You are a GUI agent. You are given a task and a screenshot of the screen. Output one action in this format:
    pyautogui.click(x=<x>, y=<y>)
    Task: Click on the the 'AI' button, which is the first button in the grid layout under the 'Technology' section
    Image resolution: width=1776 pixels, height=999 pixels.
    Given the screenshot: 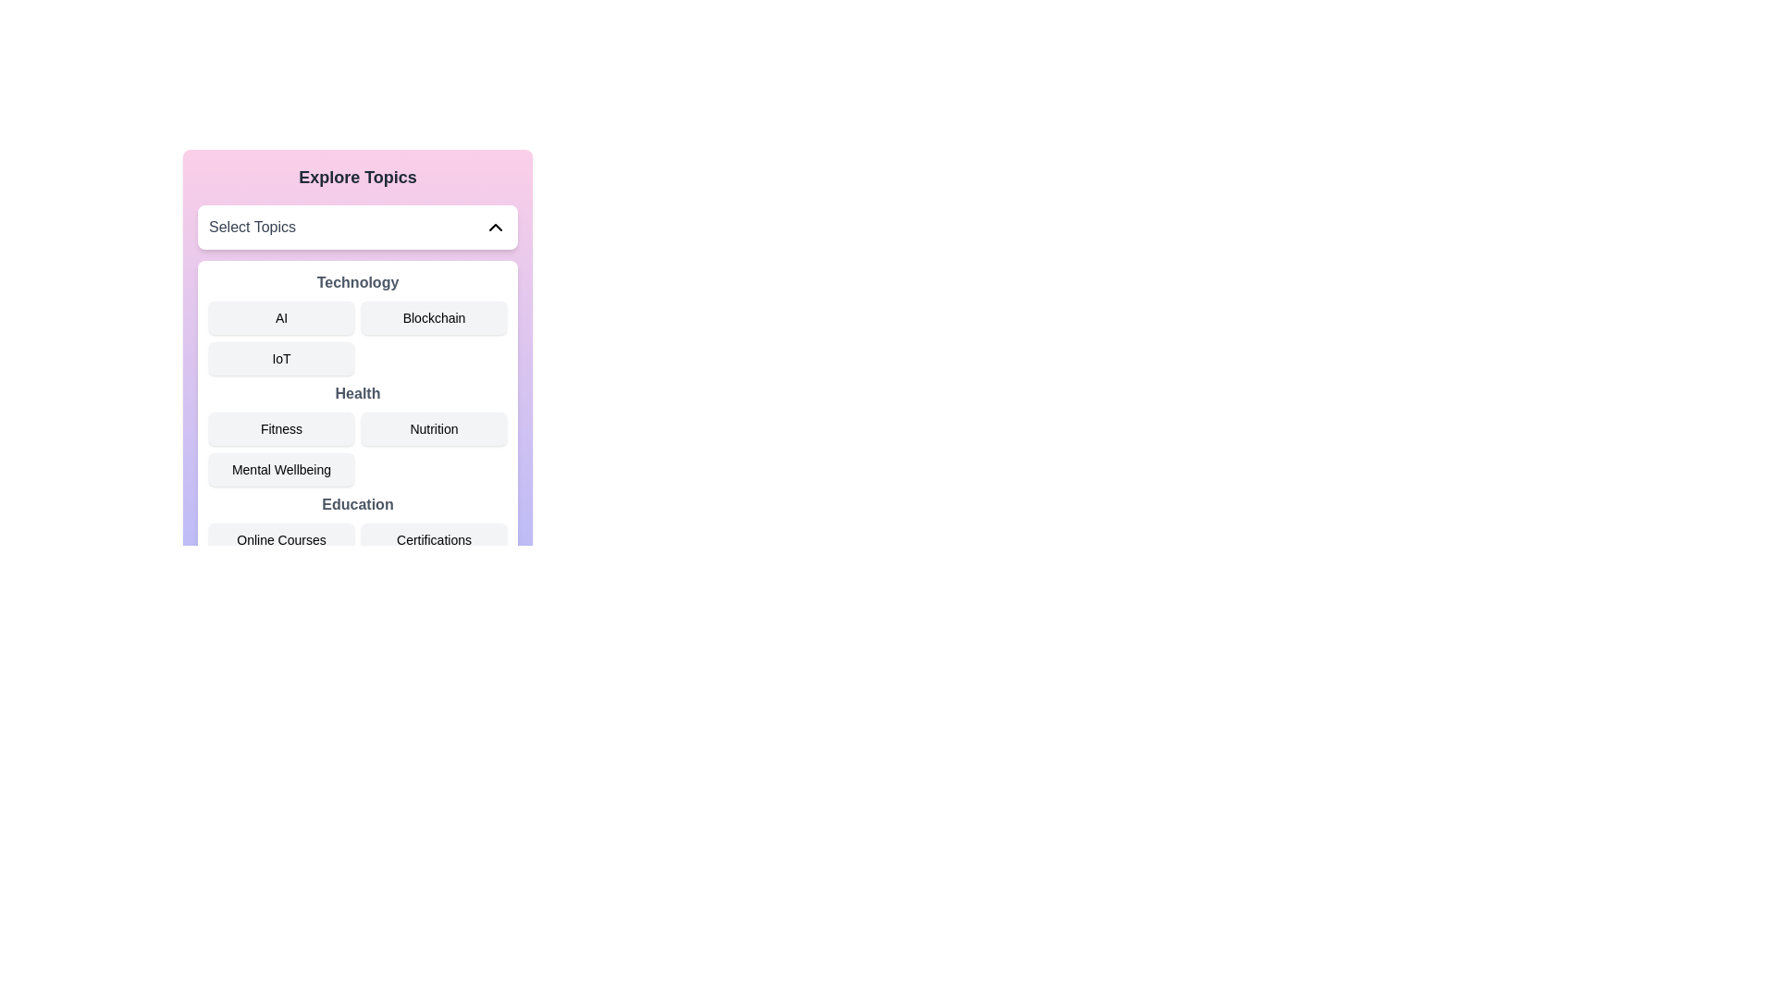 What is the action you would take?
    pyautogui.click(x=280, y=316)
    